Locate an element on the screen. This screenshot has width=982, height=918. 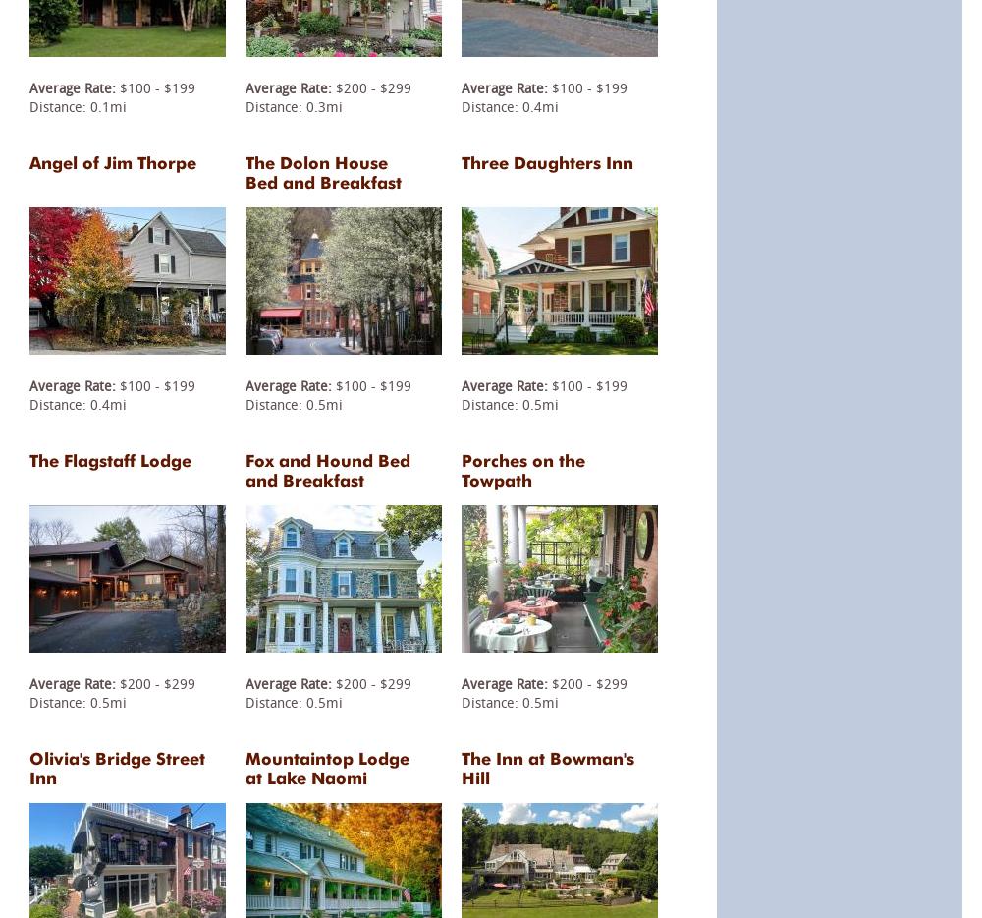
'Distance: 0.1mi' is located at coordinates (77, 104).